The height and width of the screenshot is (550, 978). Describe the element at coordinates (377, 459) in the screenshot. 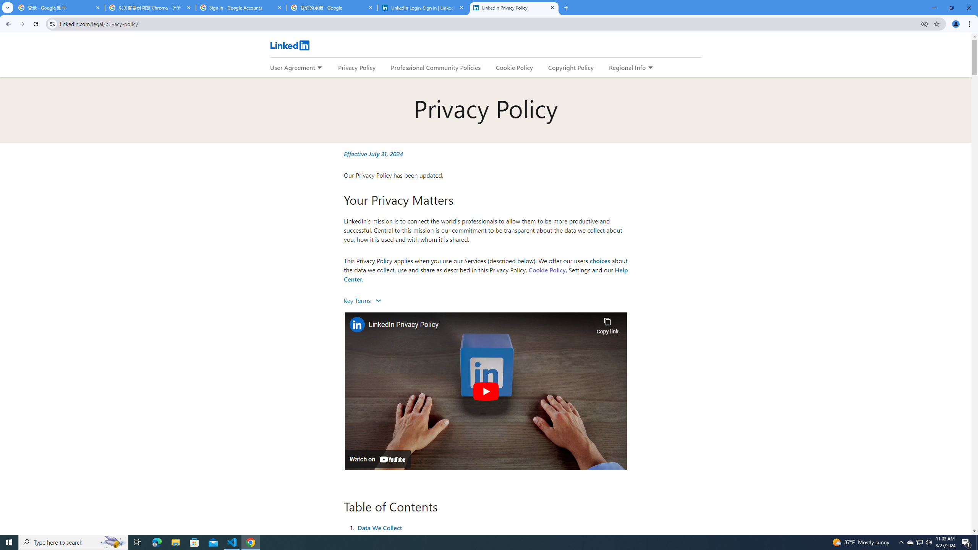

I see `'Watch on YouTube'` at that location.